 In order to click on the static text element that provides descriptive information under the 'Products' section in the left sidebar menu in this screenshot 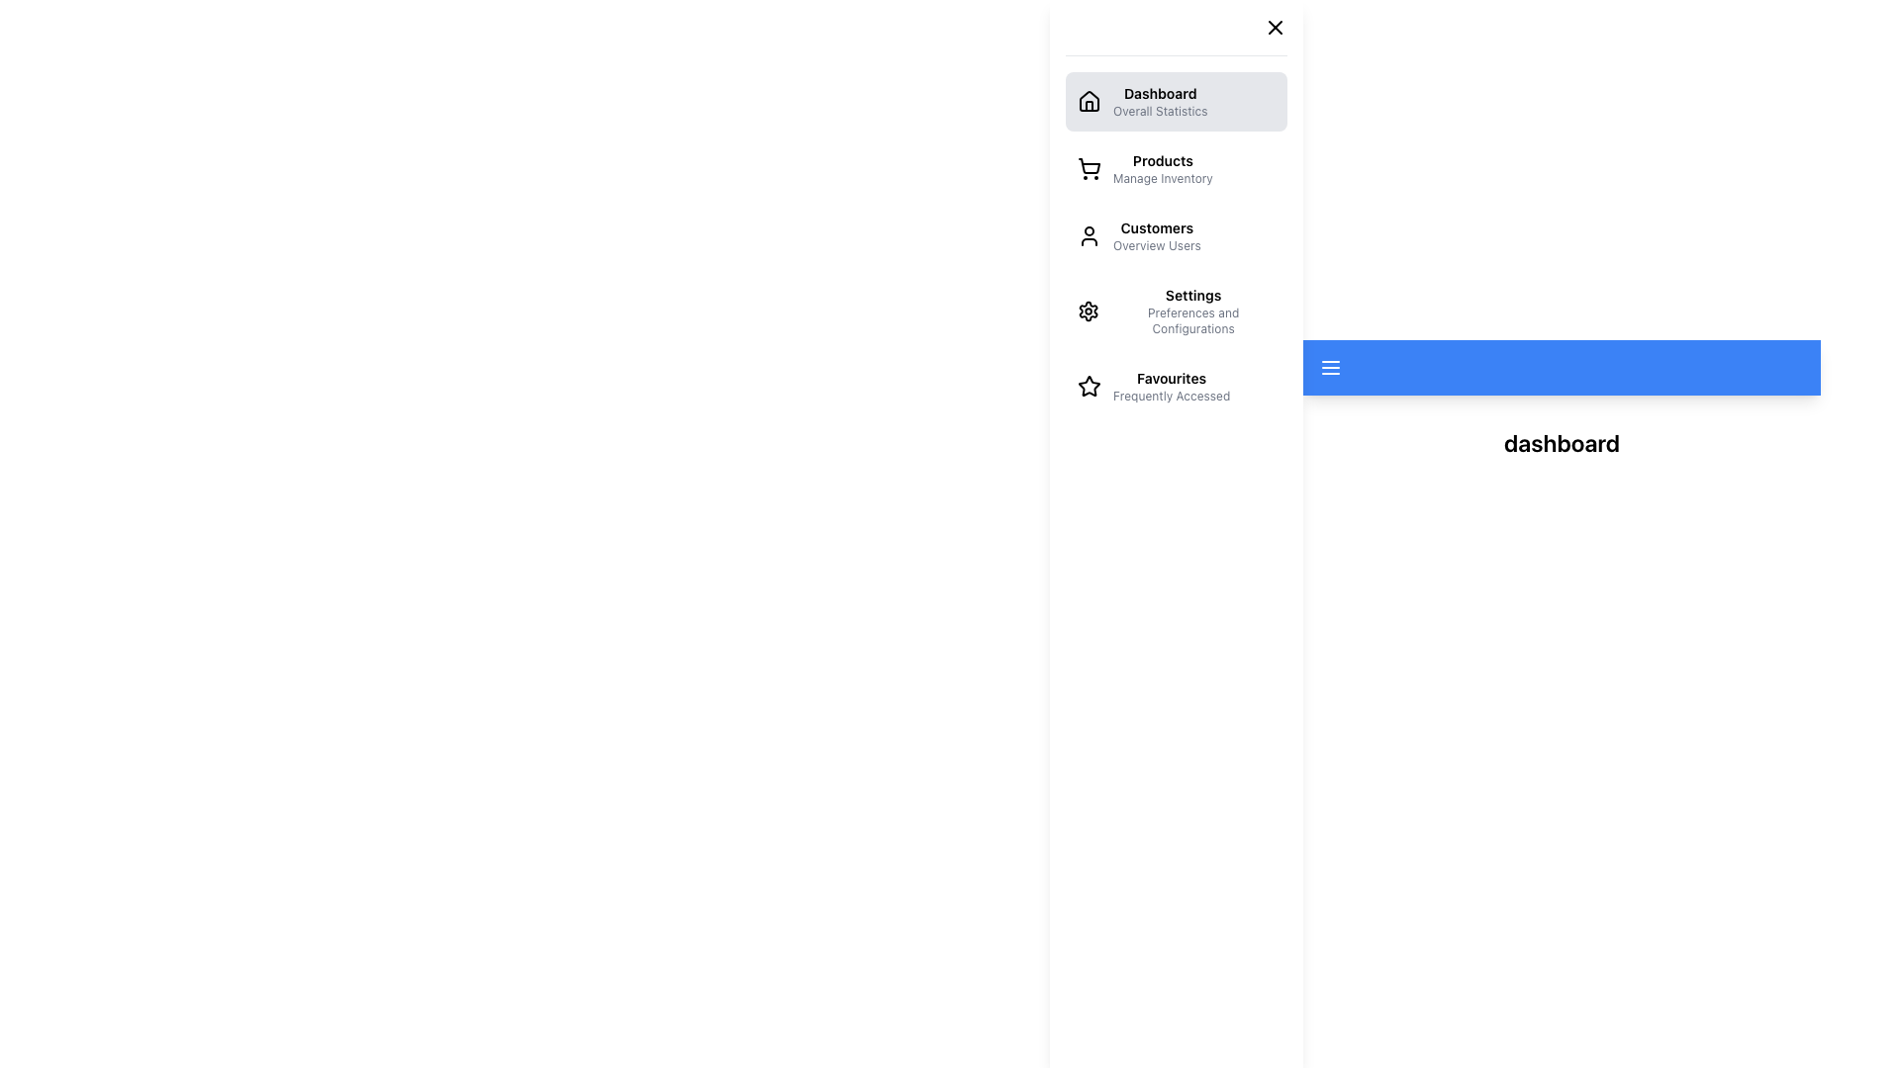, I will do `click(1163, 179)`.